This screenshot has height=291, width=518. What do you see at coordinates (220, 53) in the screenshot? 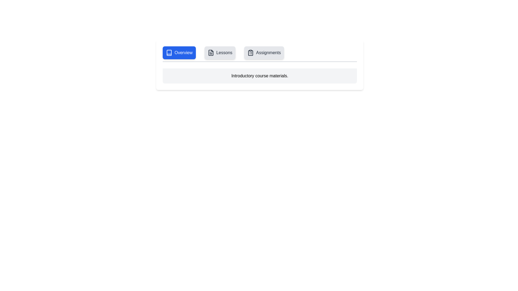
I see `the Lessons tab` at bounding box center [220, 53].